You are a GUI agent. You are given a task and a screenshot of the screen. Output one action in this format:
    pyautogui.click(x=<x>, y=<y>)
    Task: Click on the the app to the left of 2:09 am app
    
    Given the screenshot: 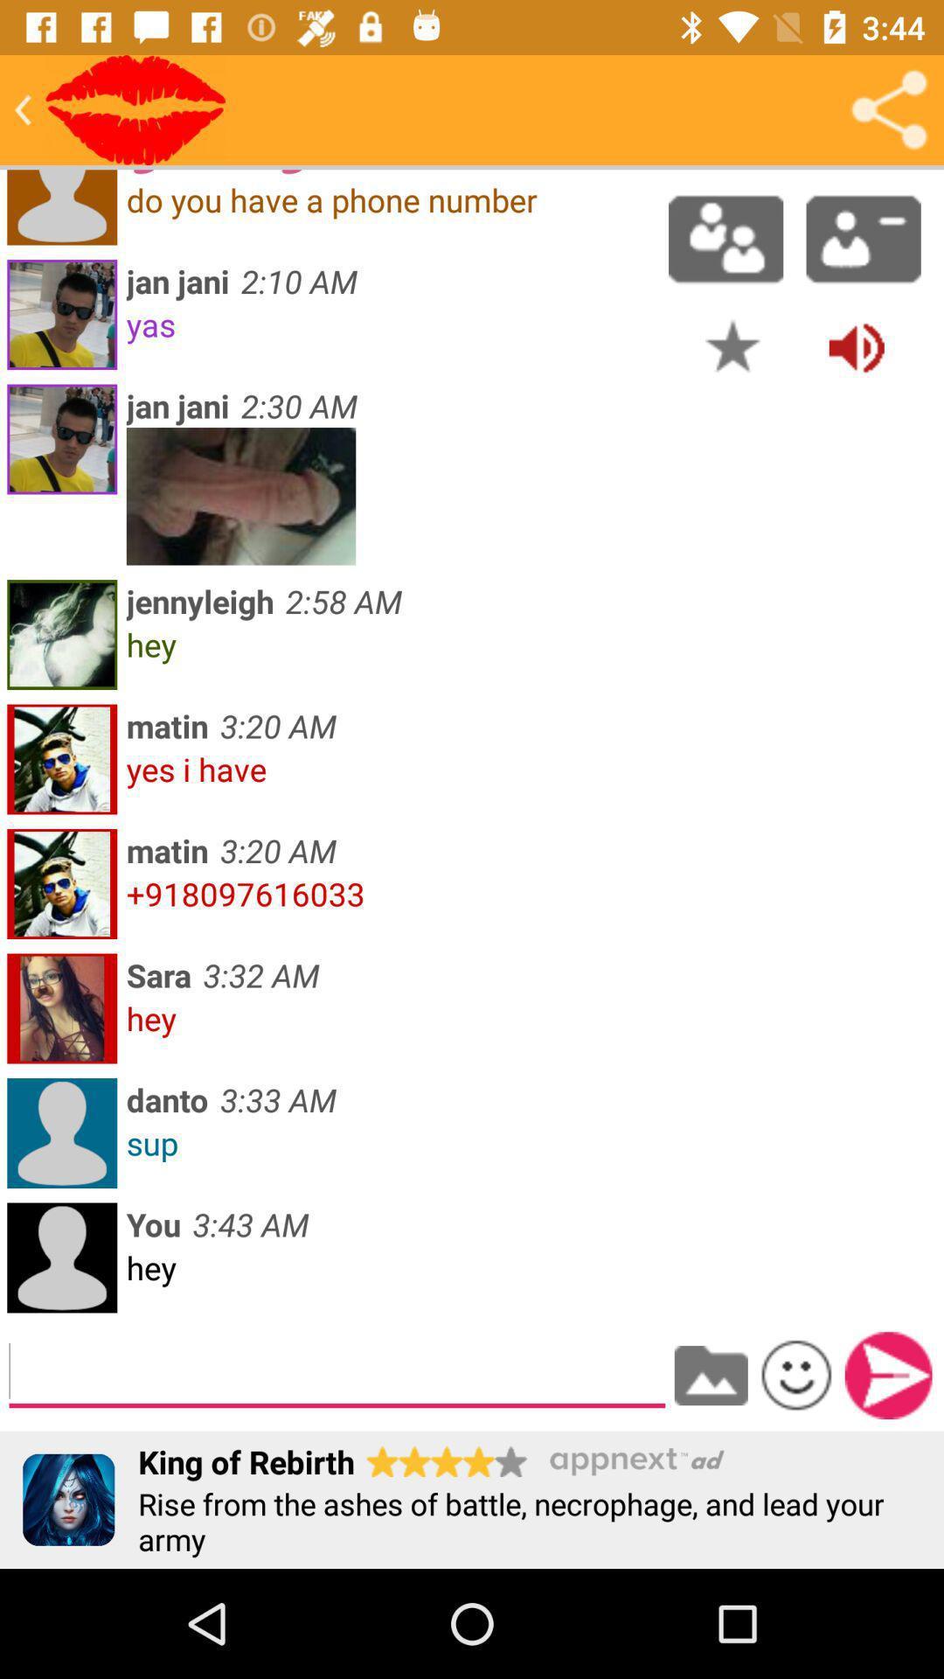 What is the action you would take?
    pyautogui.click(x=135, y=108)
    